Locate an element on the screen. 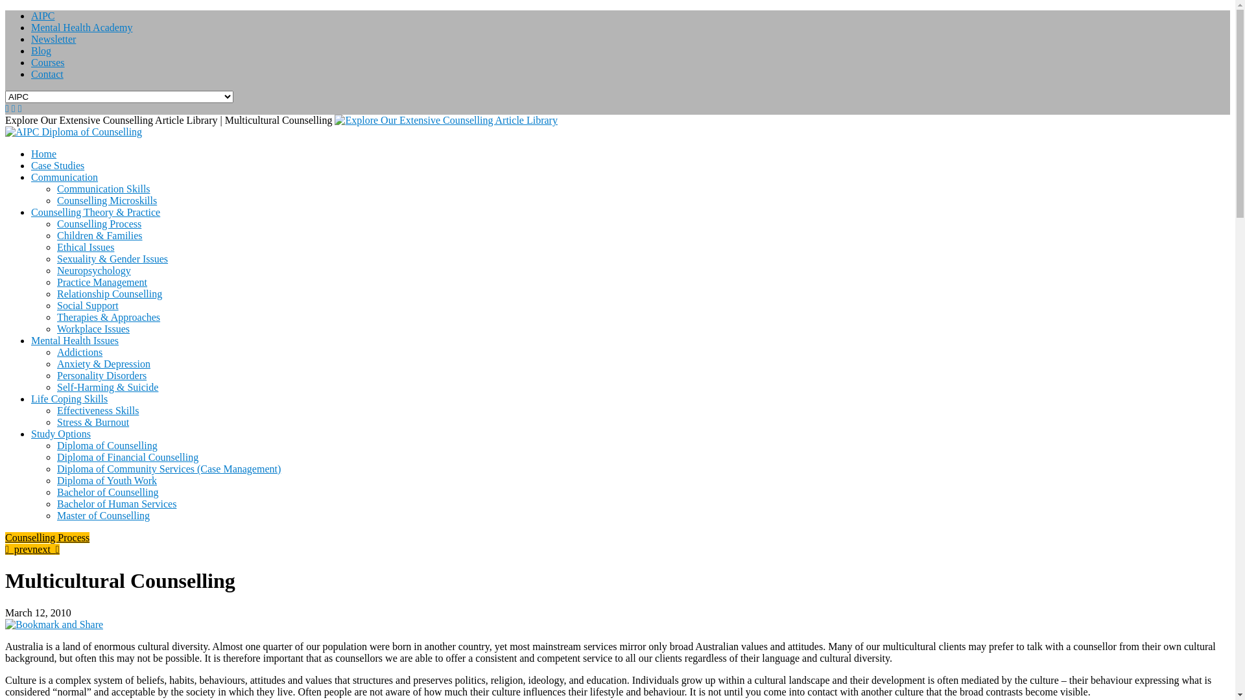 The width and height of the screenshot is (1245, 700). 'Home' is located at coordinates (43, 153).